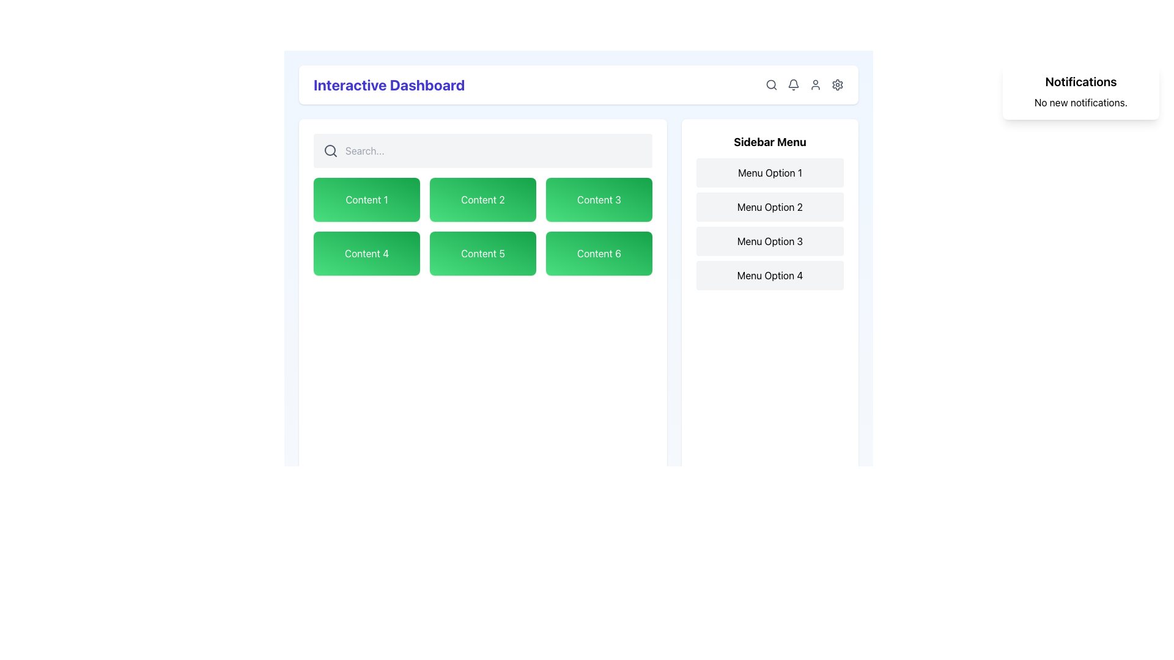 This screenshot has height=660, width=1174. What do you see at coordinates (769, 241) in the screenshot?
I see `the 'Menu Option 3' button in the sidebar menu by` at bounding box center [769, 241].